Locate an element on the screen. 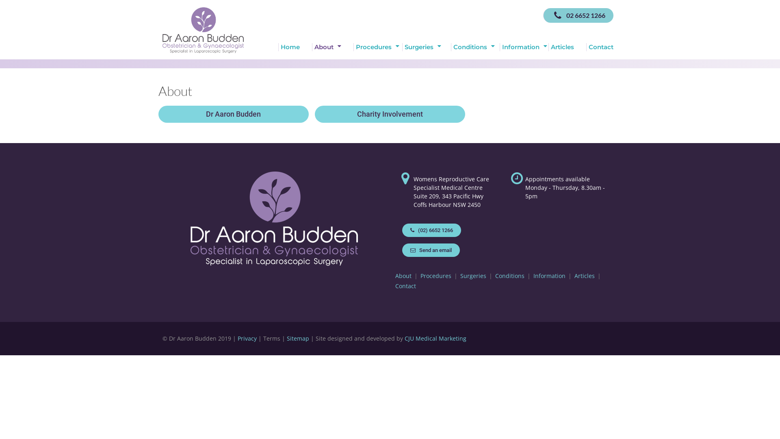 Image resolution: width=780 pixels, height=439 pixels. 'Send an email' is located at coordinates (402, 250).